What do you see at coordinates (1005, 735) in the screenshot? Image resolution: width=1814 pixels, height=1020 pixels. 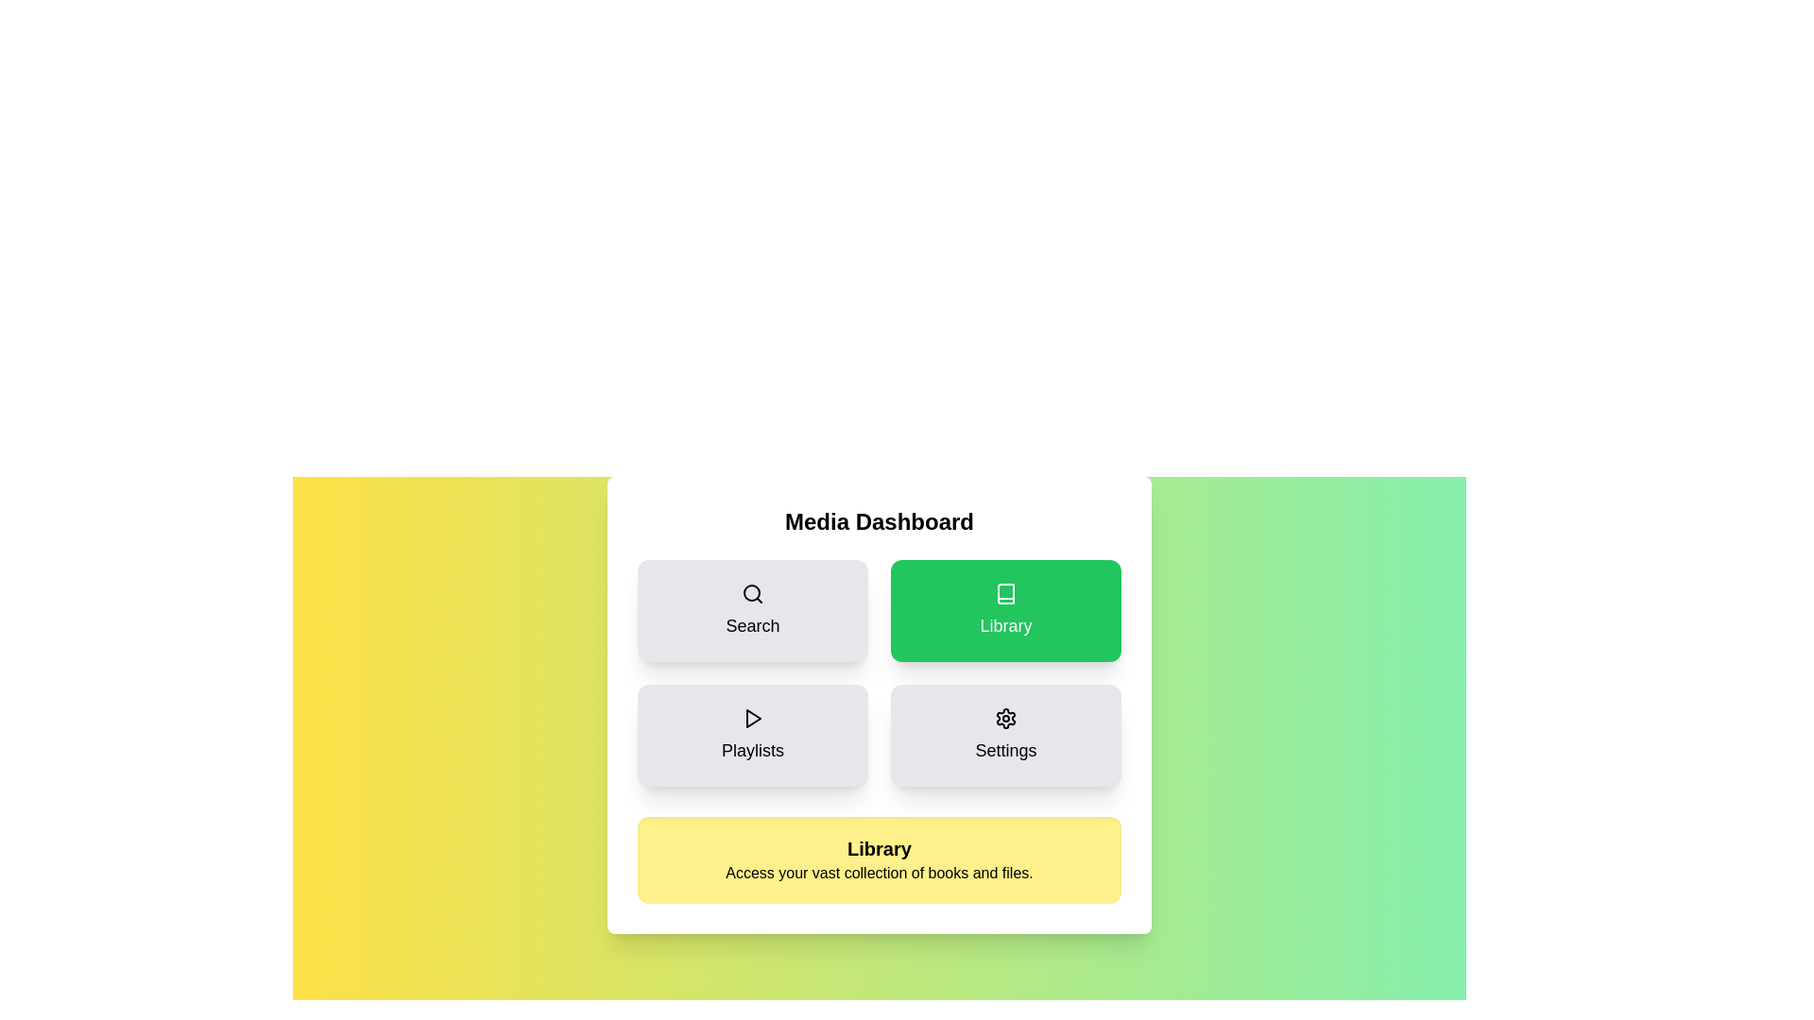 I see `the Settings button to observe the hover effect` at bounding box center [1005, 735].